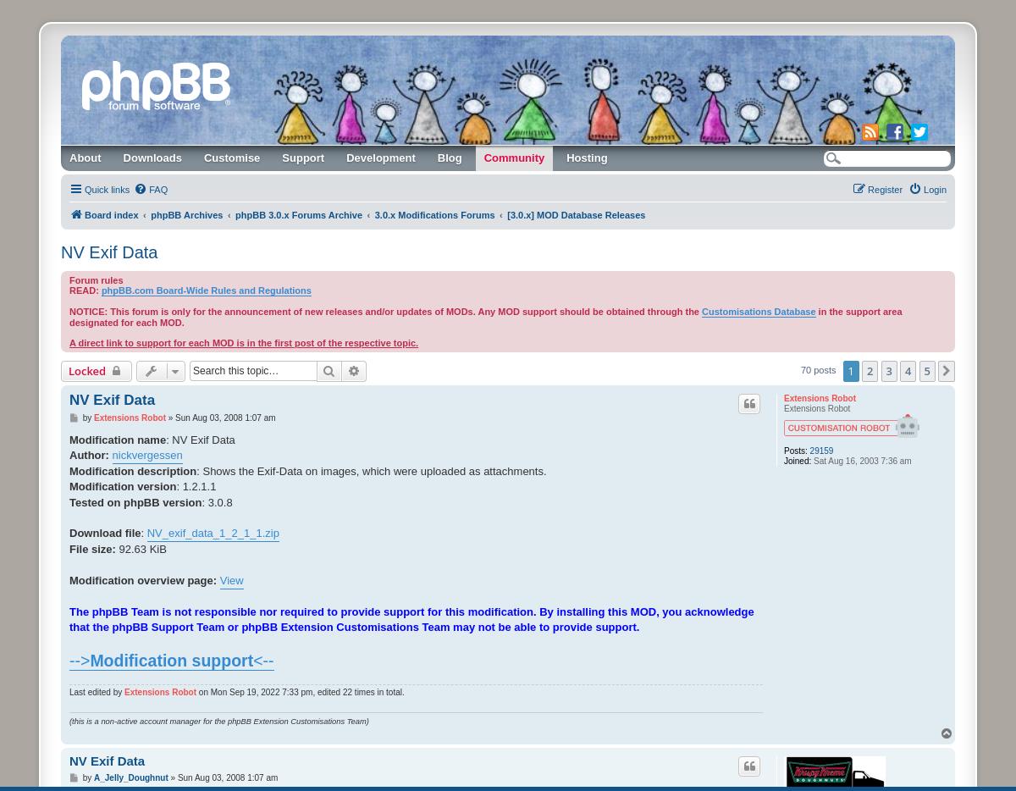 The width and height of the screenshot is (1016, 791). I want to click on 'The phpBB Team is not responsible nor required to provide support for this modification. By installing this MOD, you acknowledge that the phpBB Support Team or phpBB Extension Customisations Team may not be able to provide support.', so click(411, 619).